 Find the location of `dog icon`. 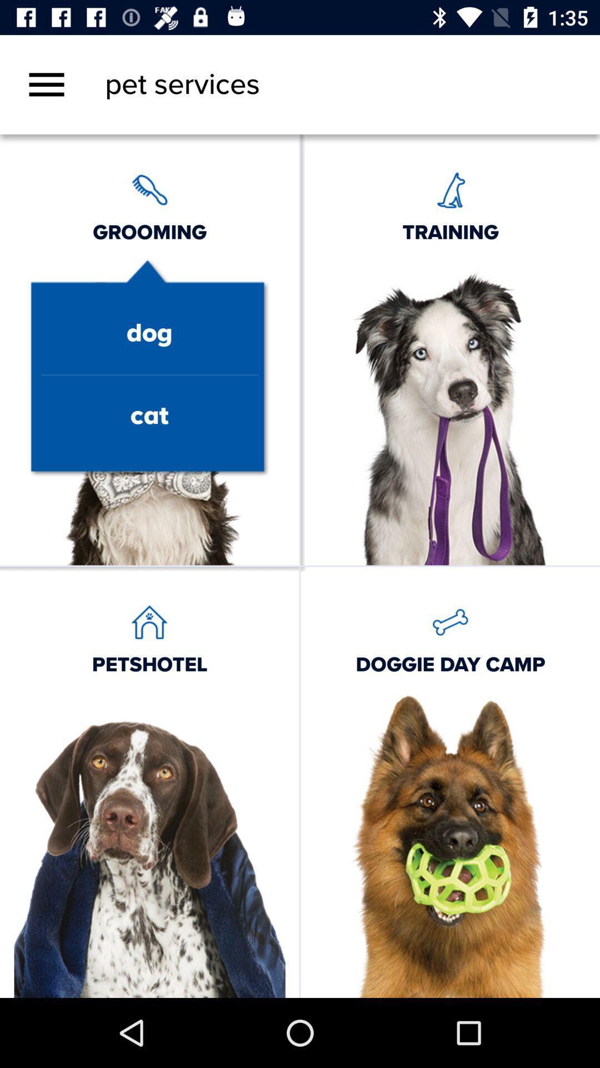

dog icon is located at coordinates (149, 333).